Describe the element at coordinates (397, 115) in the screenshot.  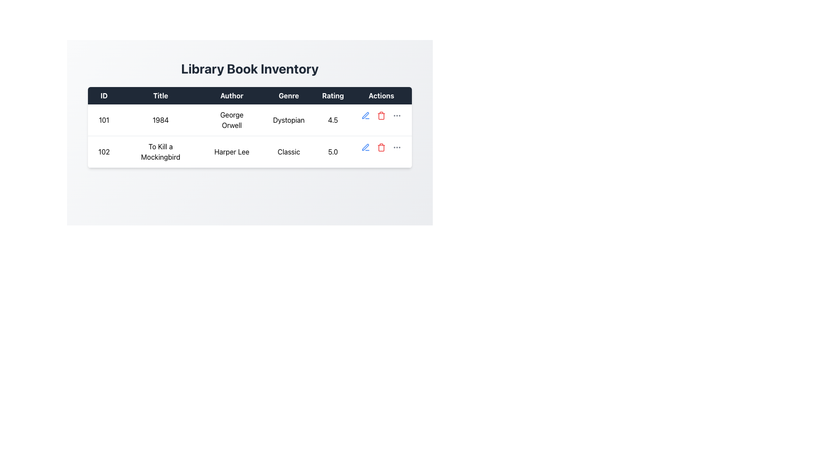
I see `the Ellipsis Icon in the 'Actions' column of the second row in the 'Library Book Inventory' table` at that location.